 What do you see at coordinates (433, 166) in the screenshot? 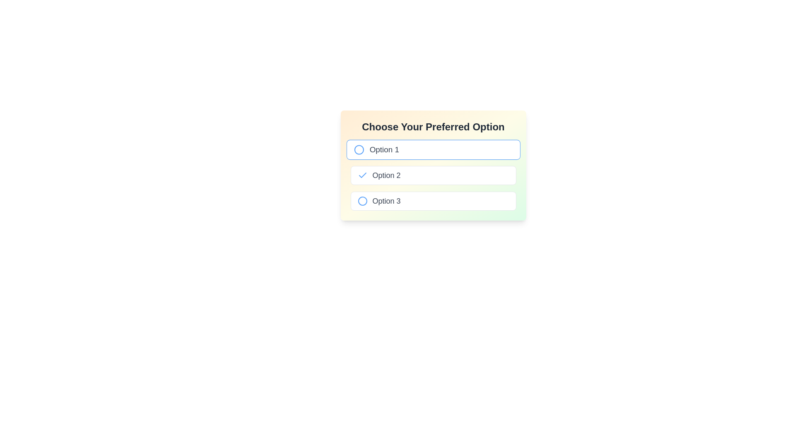
I see `to select the second option labeled 'Option 2' in the radio group titled 'Choose Your Preferred Option', which is visually represented by a bordered box and an associated radio button` at bounding box center [433, 166].